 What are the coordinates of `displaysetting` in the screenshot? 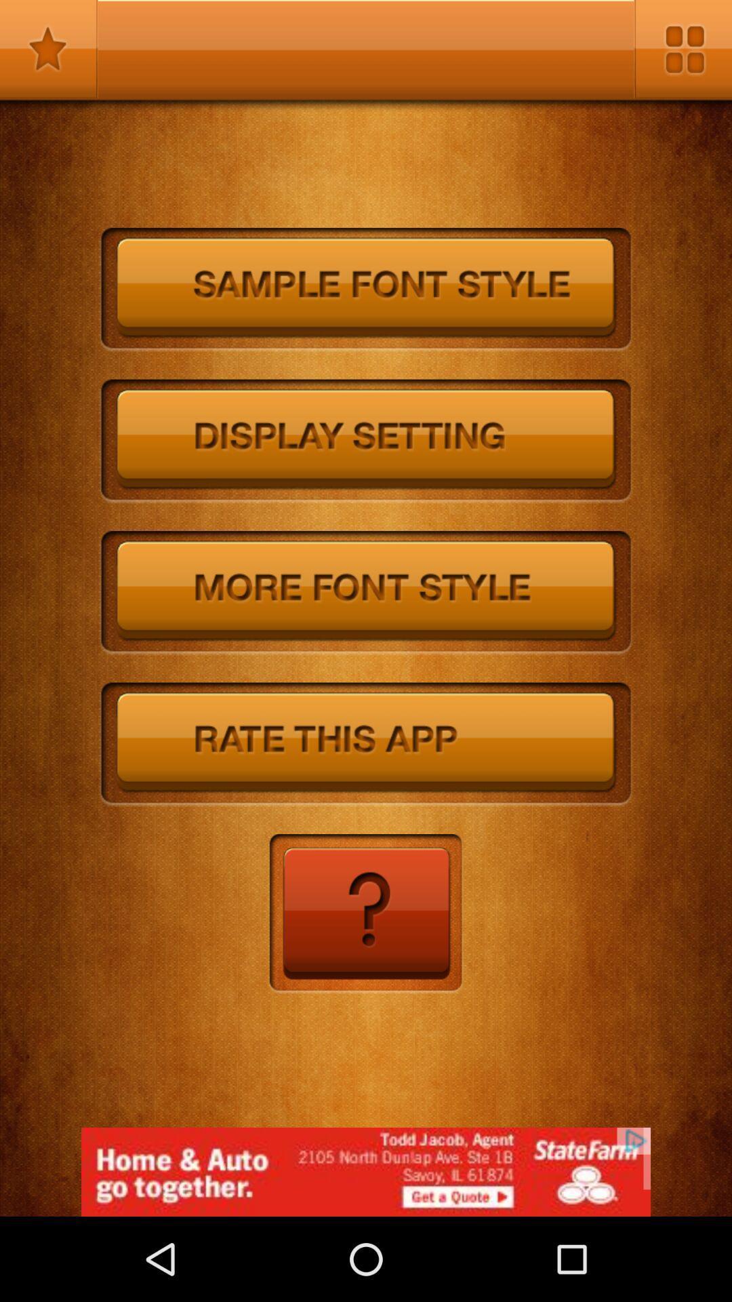 It's located at (366, 441).